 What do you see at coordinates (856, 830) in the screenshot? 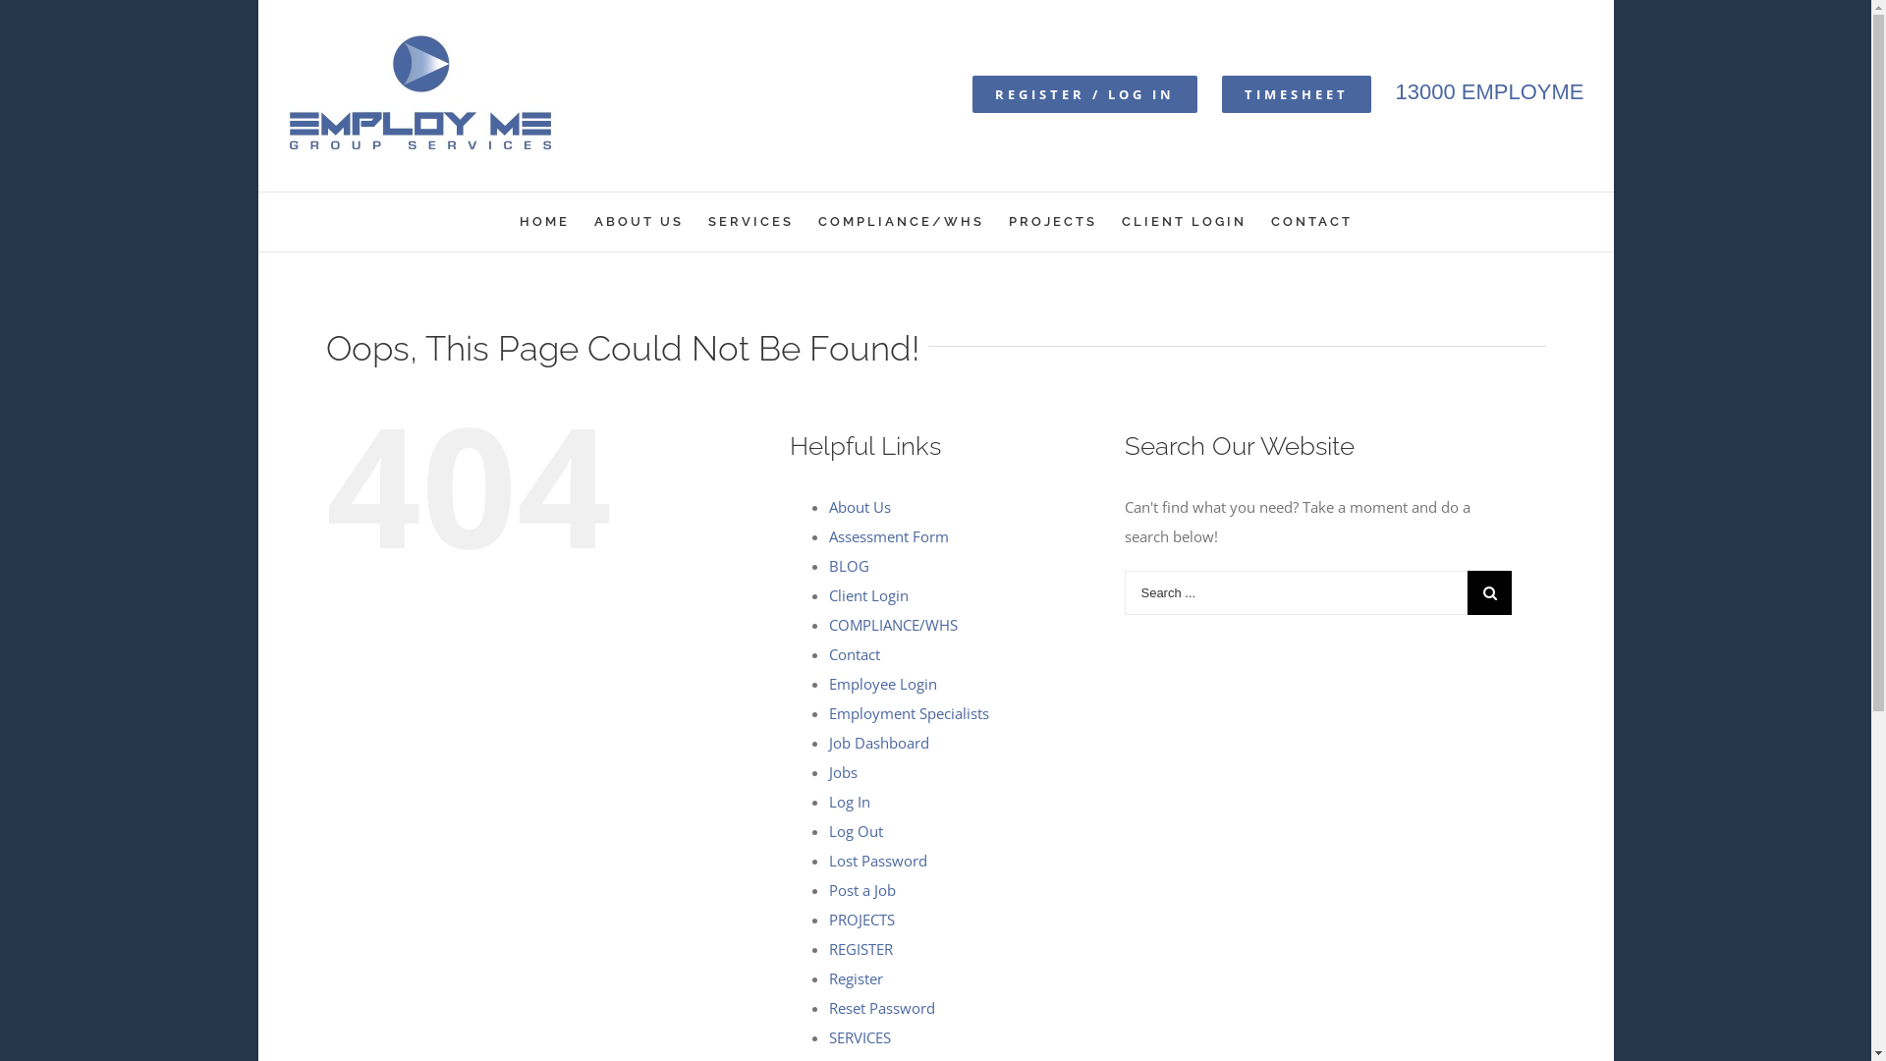
I see `'Log Out'` at bounding box center [856, 830].